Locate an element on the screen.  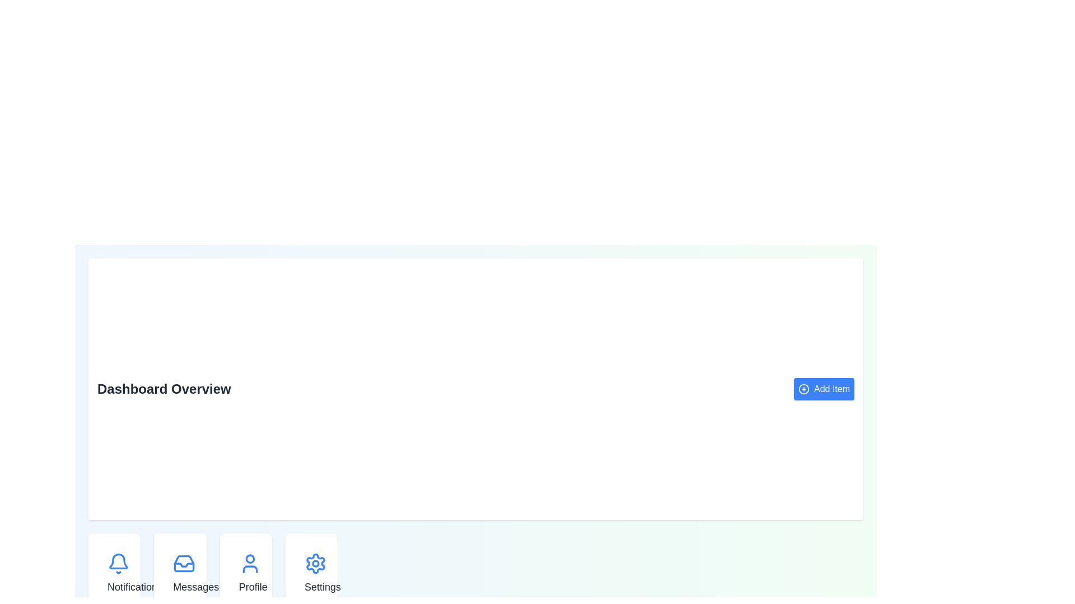
the Decorative icon component representing the user's head in the user icon, located centrally above the 'Profile' label is located at coordinates (249, 559).